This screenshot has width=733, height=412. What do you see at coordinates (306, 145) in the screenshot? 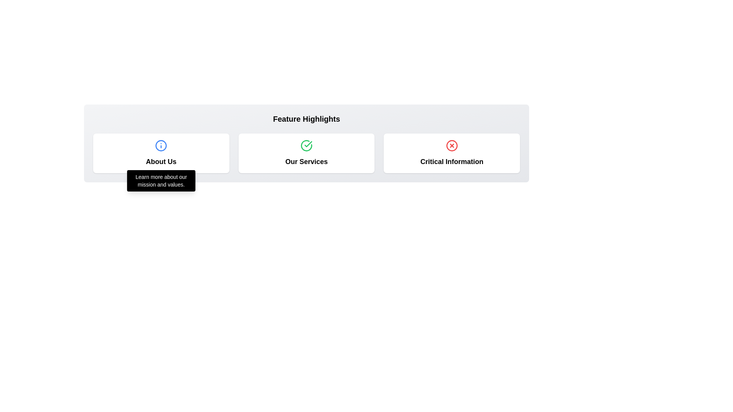
I see `the confirmation icon representing the completion of a service, located within the 'Our Services' box` at bounding box center [306, 145].